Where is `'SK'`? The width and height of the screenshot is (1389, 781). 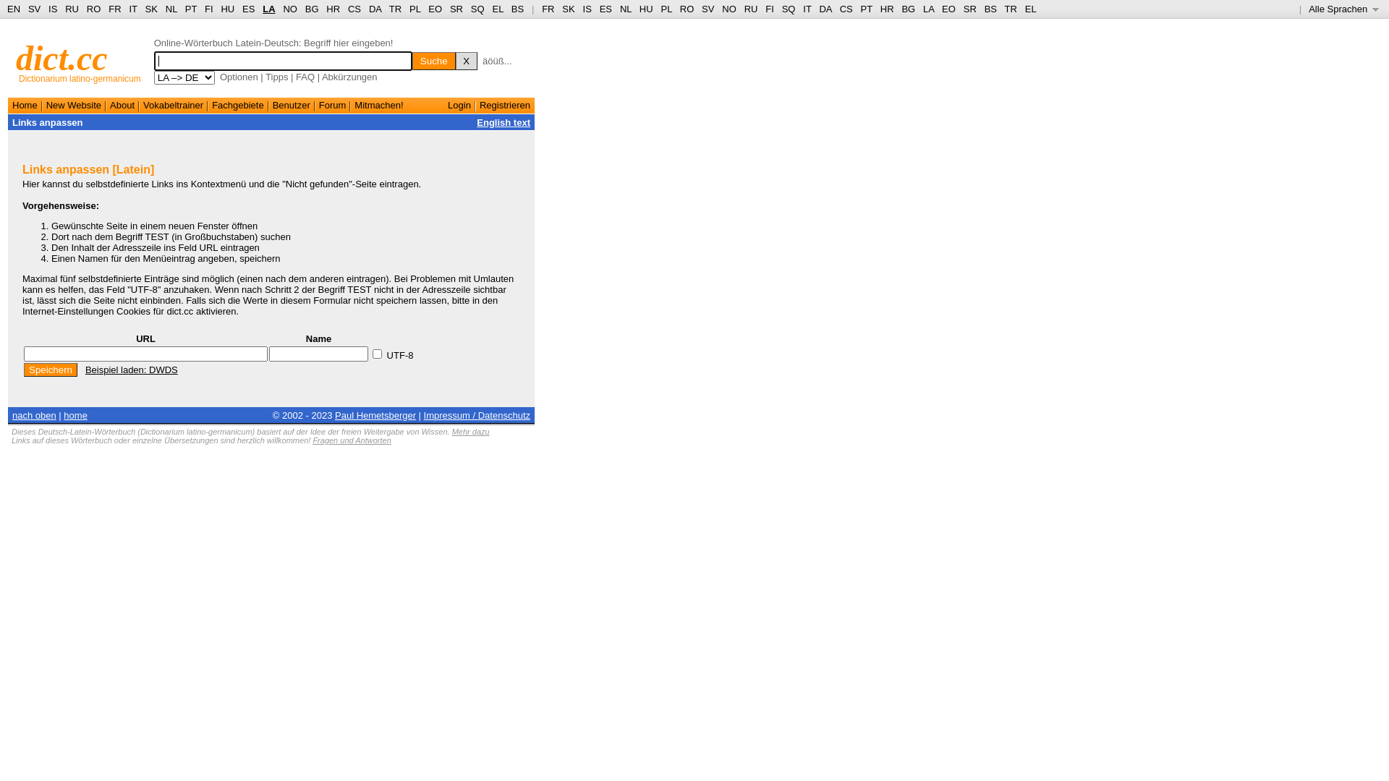 'SK' is located at coordinates (561, 9).